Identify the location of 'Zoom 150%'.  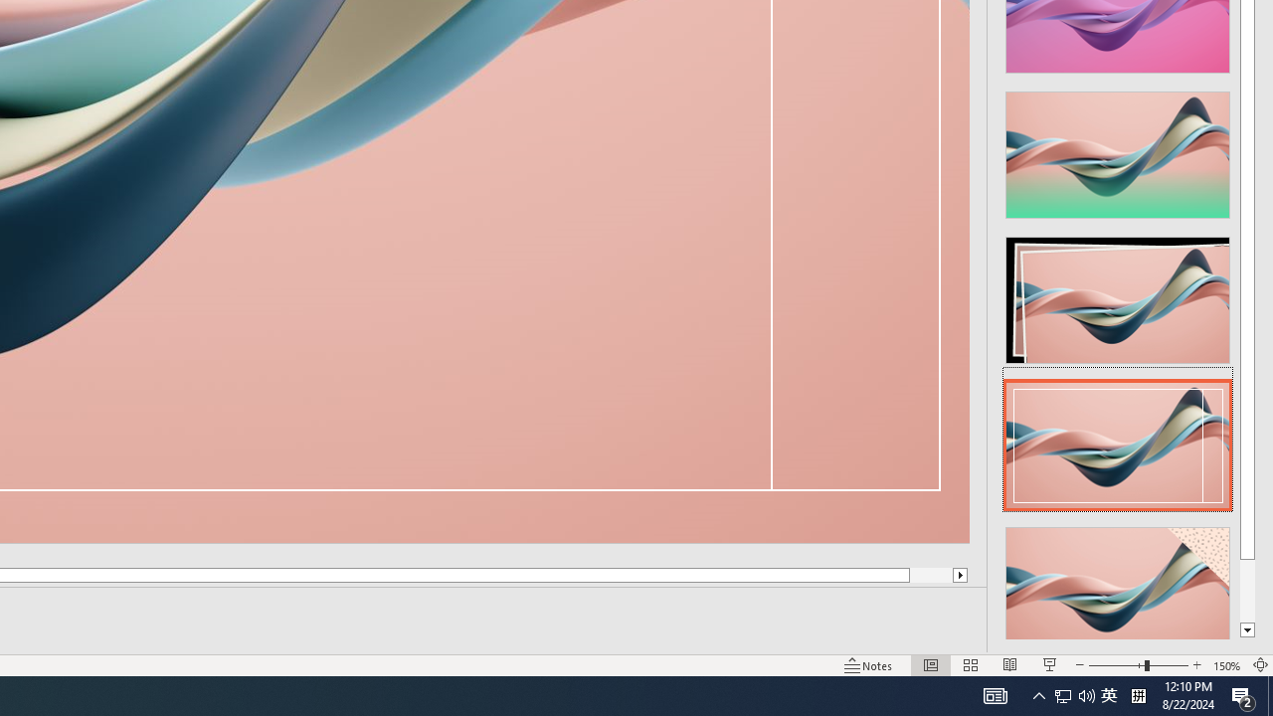
(1226, 665).